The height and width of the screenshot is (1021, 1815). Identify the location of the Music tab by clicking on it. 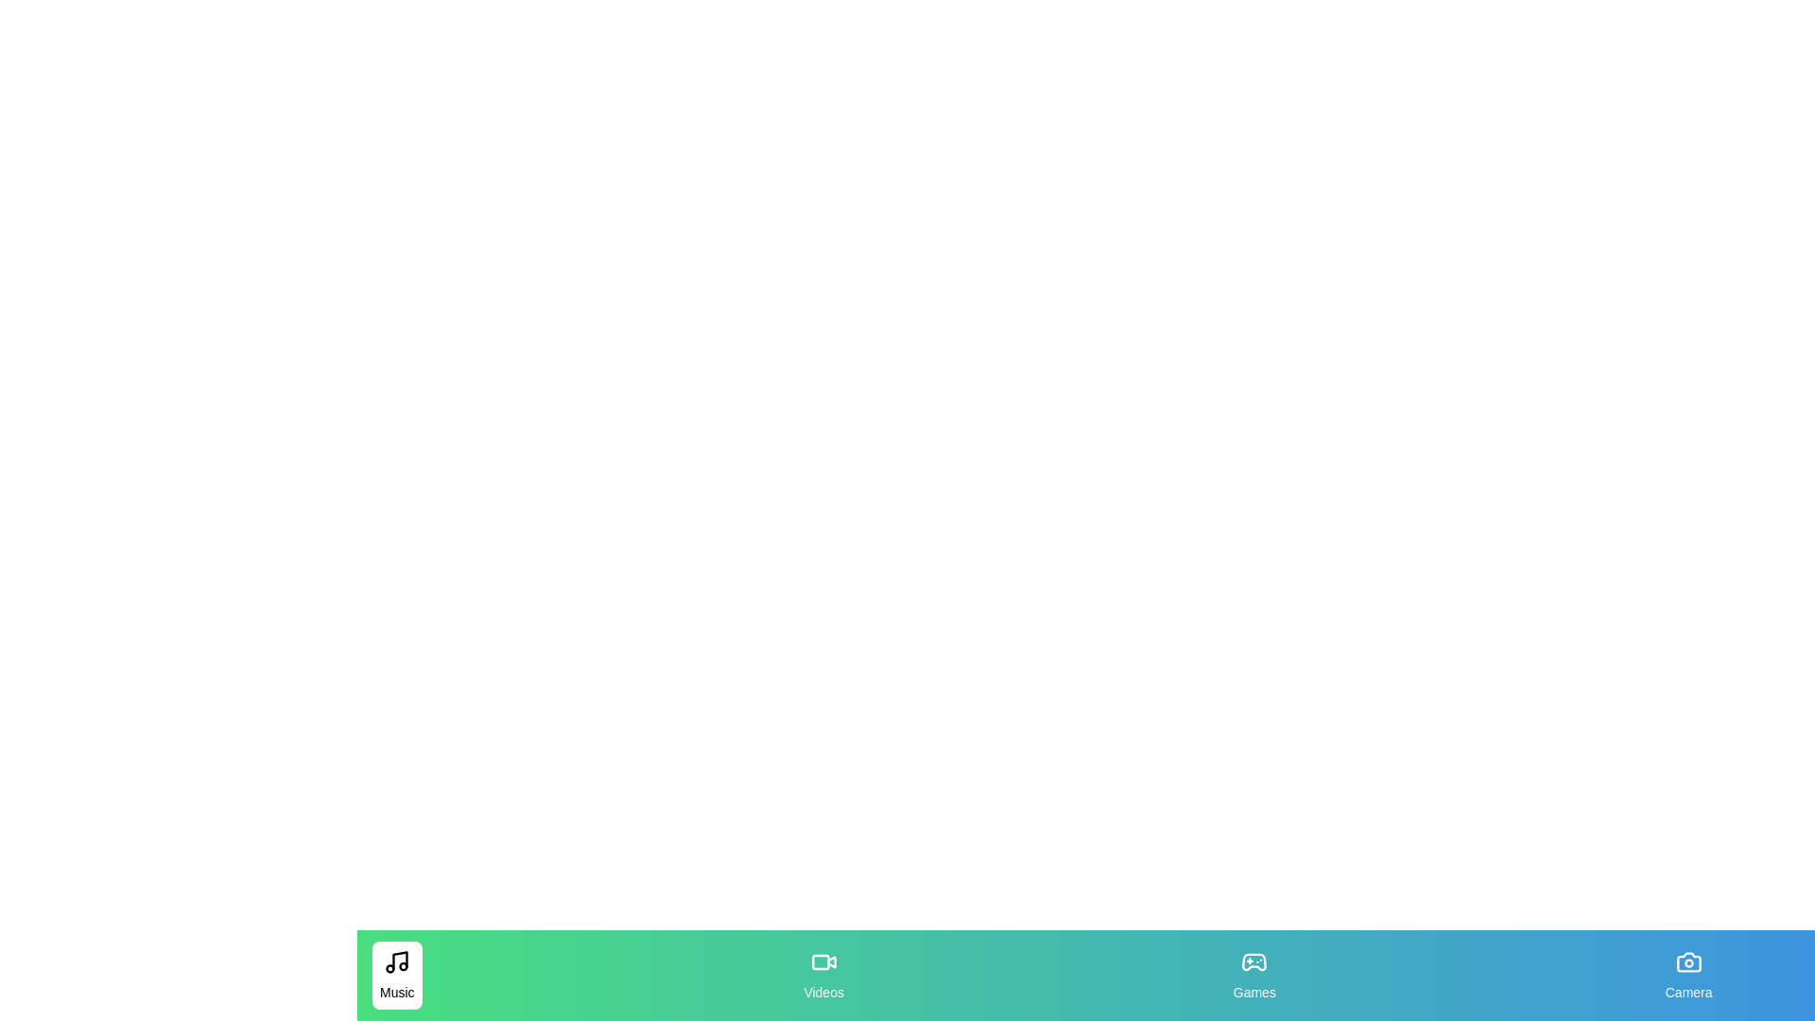
(396, 976).